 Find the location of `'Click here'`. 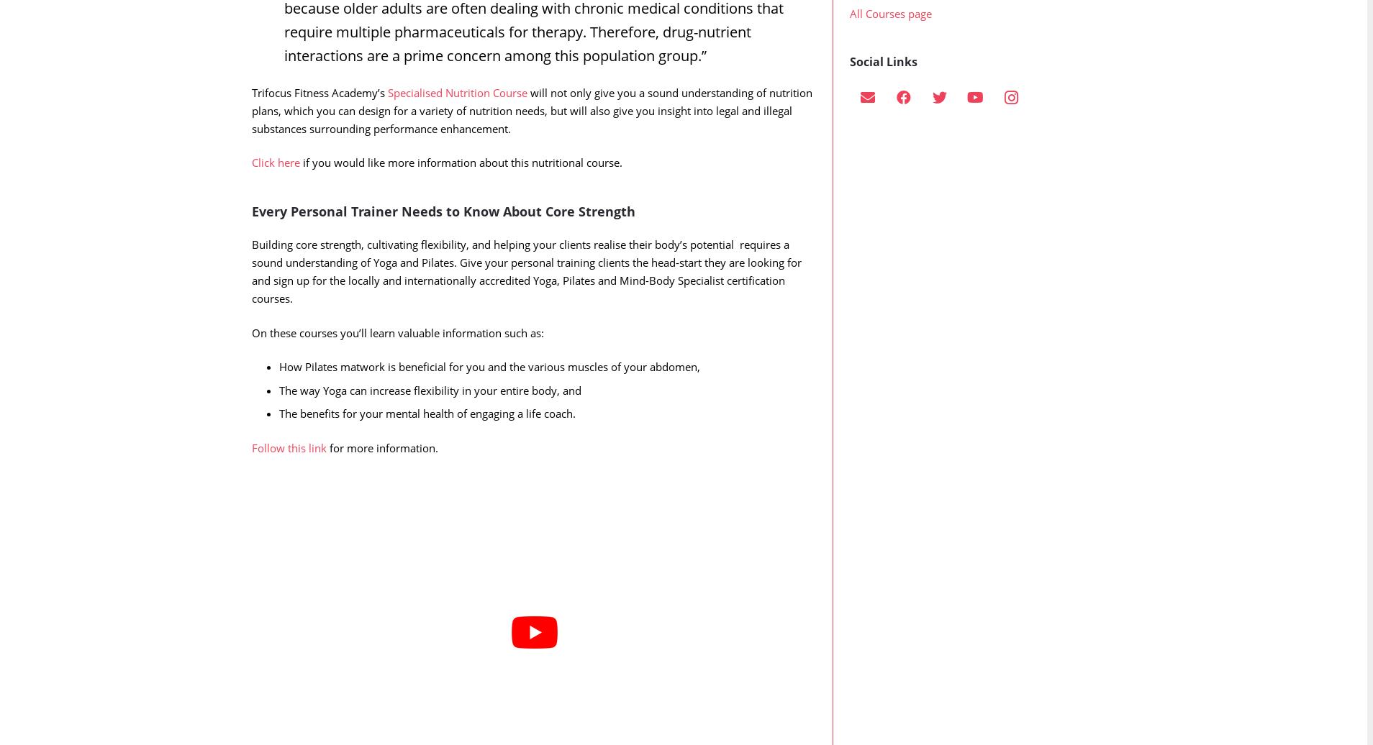

'Click here' is located at coordinates (251, 191).